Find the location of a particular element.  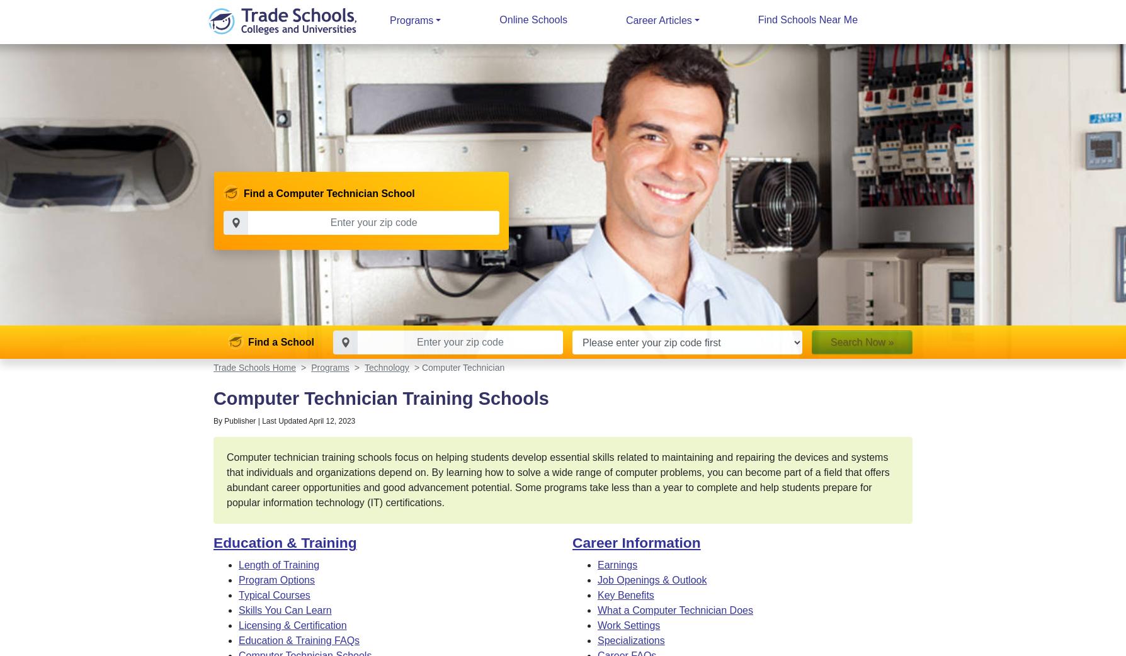

'Online Schools' is located at coordinates (532, 18).